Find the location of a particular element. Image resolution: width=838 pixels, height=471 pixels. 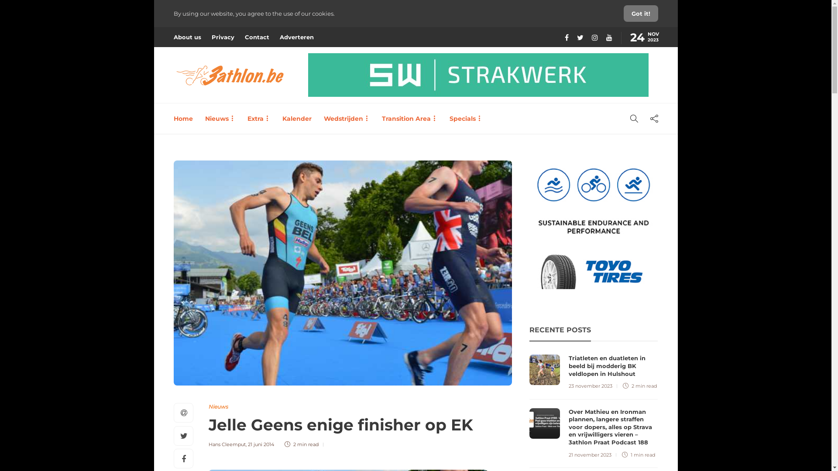

'Wedstrijden' is located at coordinates (346, 119).